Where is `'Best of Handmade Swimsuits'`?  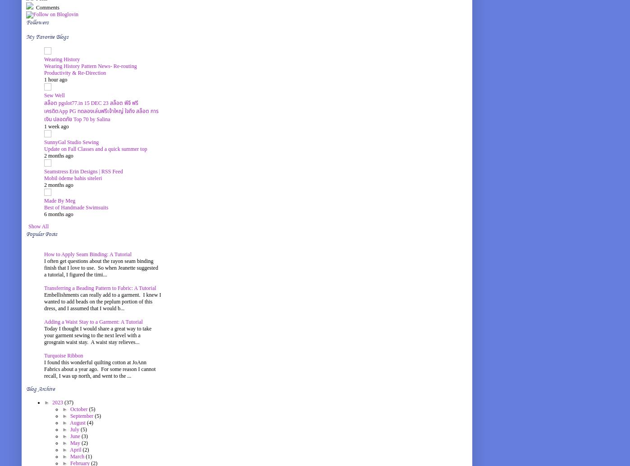
'Best of Handmade Swimsuits' is located at coordinates (76, 207).